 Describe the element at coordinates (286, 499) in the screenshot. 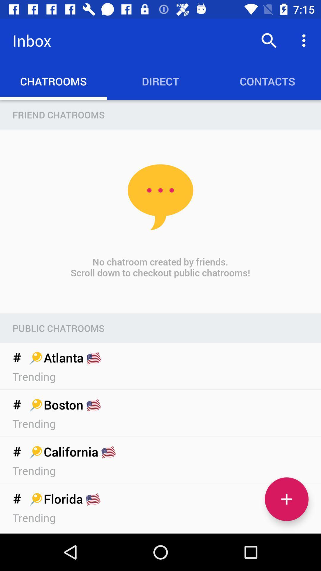

I see `item at the bottom right corner` at that location.